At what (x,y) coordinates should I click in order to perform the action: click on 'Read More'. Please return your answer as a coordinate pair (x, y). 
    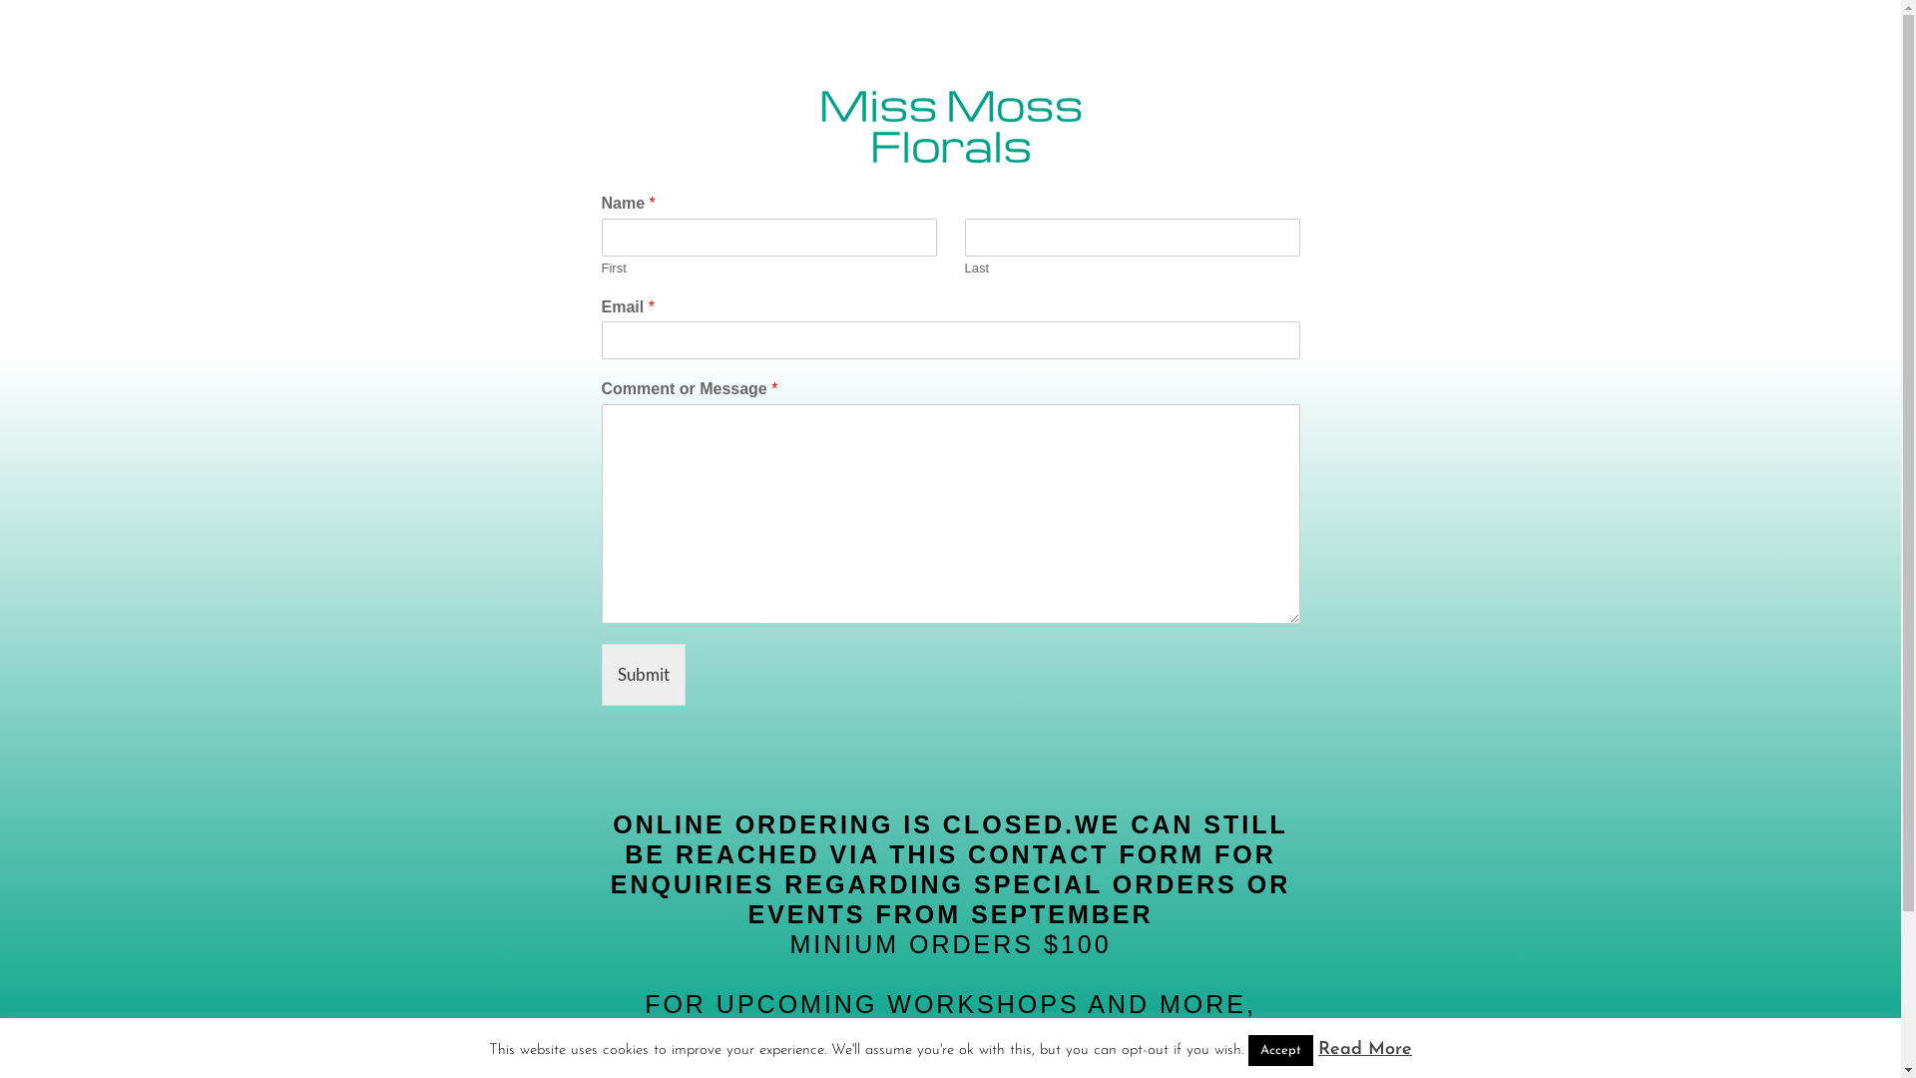
    Looking at the image, I should click on (1364, 1049).